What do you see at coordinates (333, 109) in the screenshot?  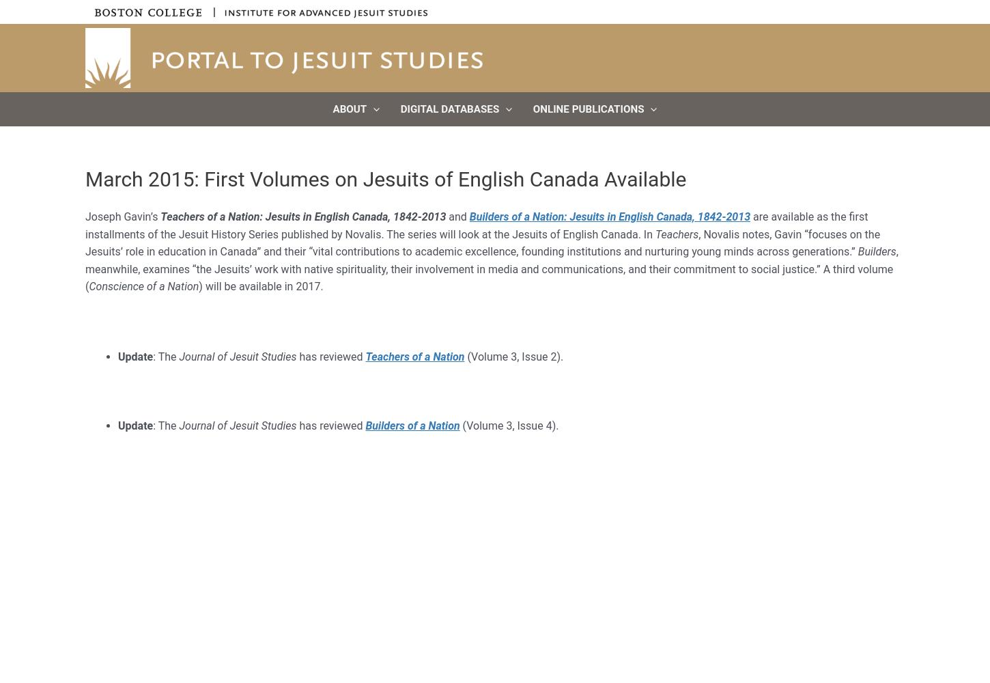 I see `'About'` at bounding box center [333, 109].